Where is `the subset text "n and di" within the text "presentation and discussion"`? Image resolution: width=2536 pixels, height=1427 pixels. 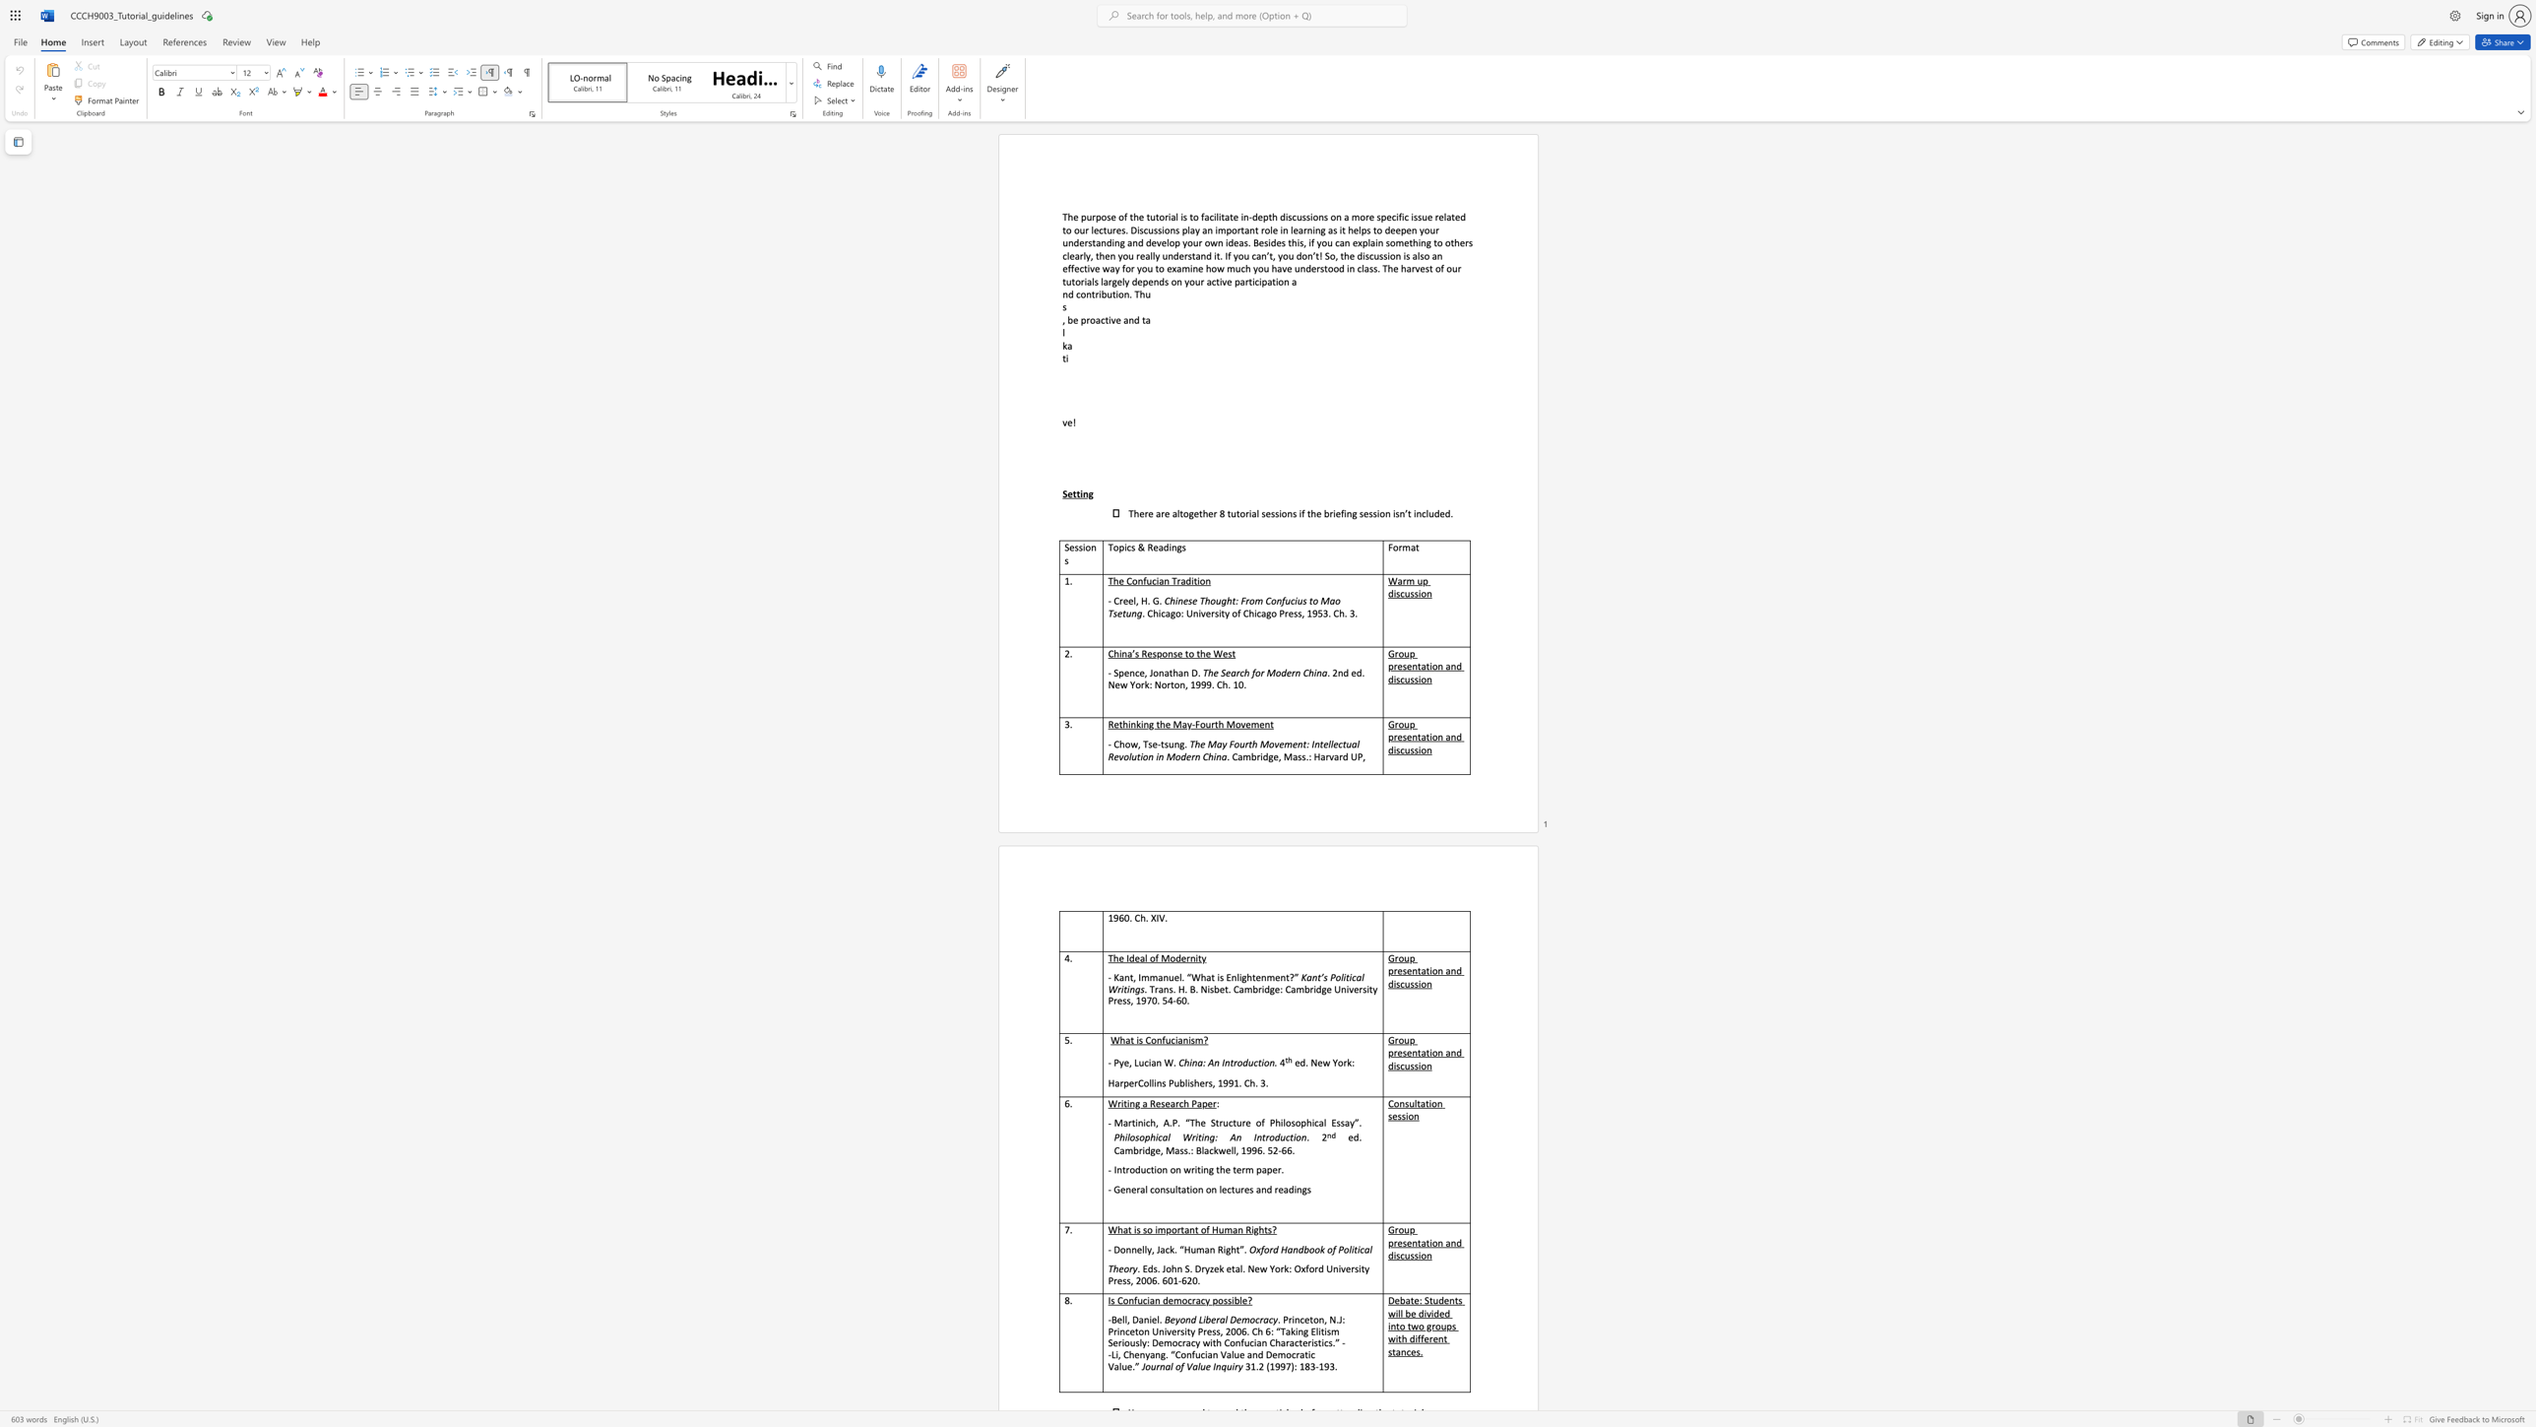
the subset text "n and di" within the text "presentation and discussion" is located at coordinates (1435, 737).